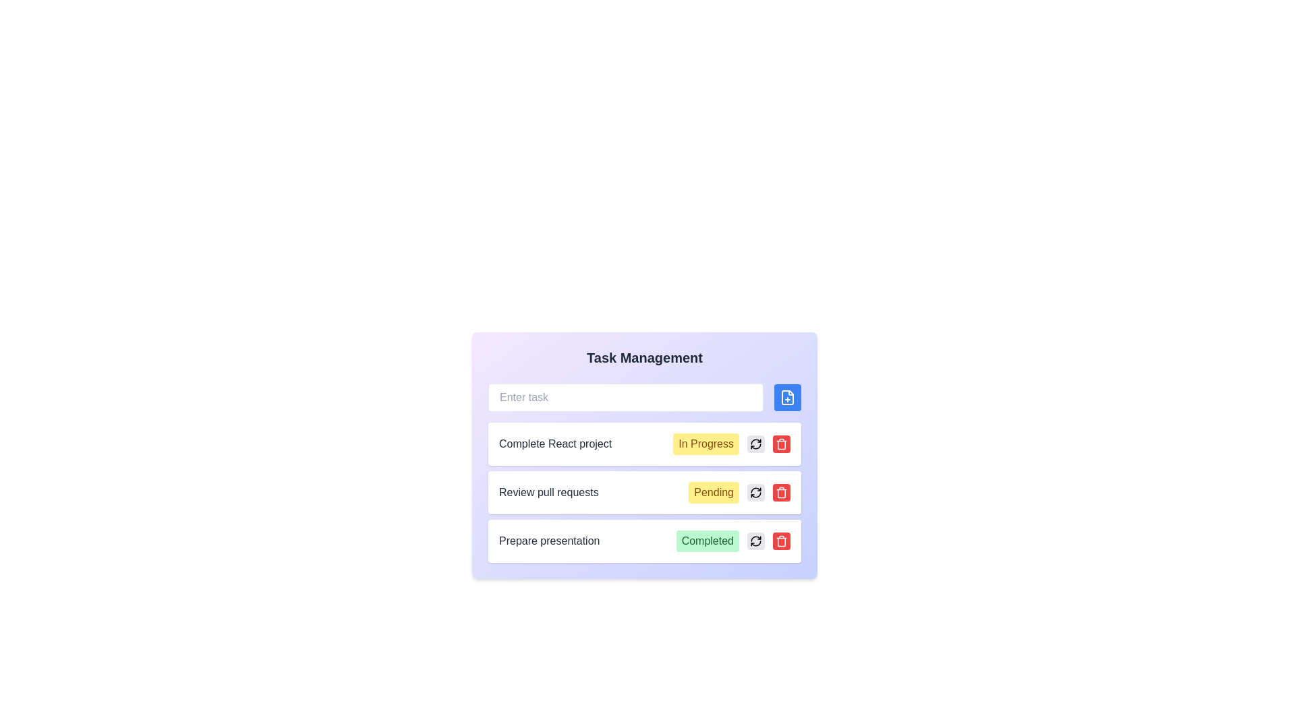 The image size is (1295, 728). Describe the element at coordinates (756, 540) in the screenshot. I see `the circular refresh button with a gray background` at that location.